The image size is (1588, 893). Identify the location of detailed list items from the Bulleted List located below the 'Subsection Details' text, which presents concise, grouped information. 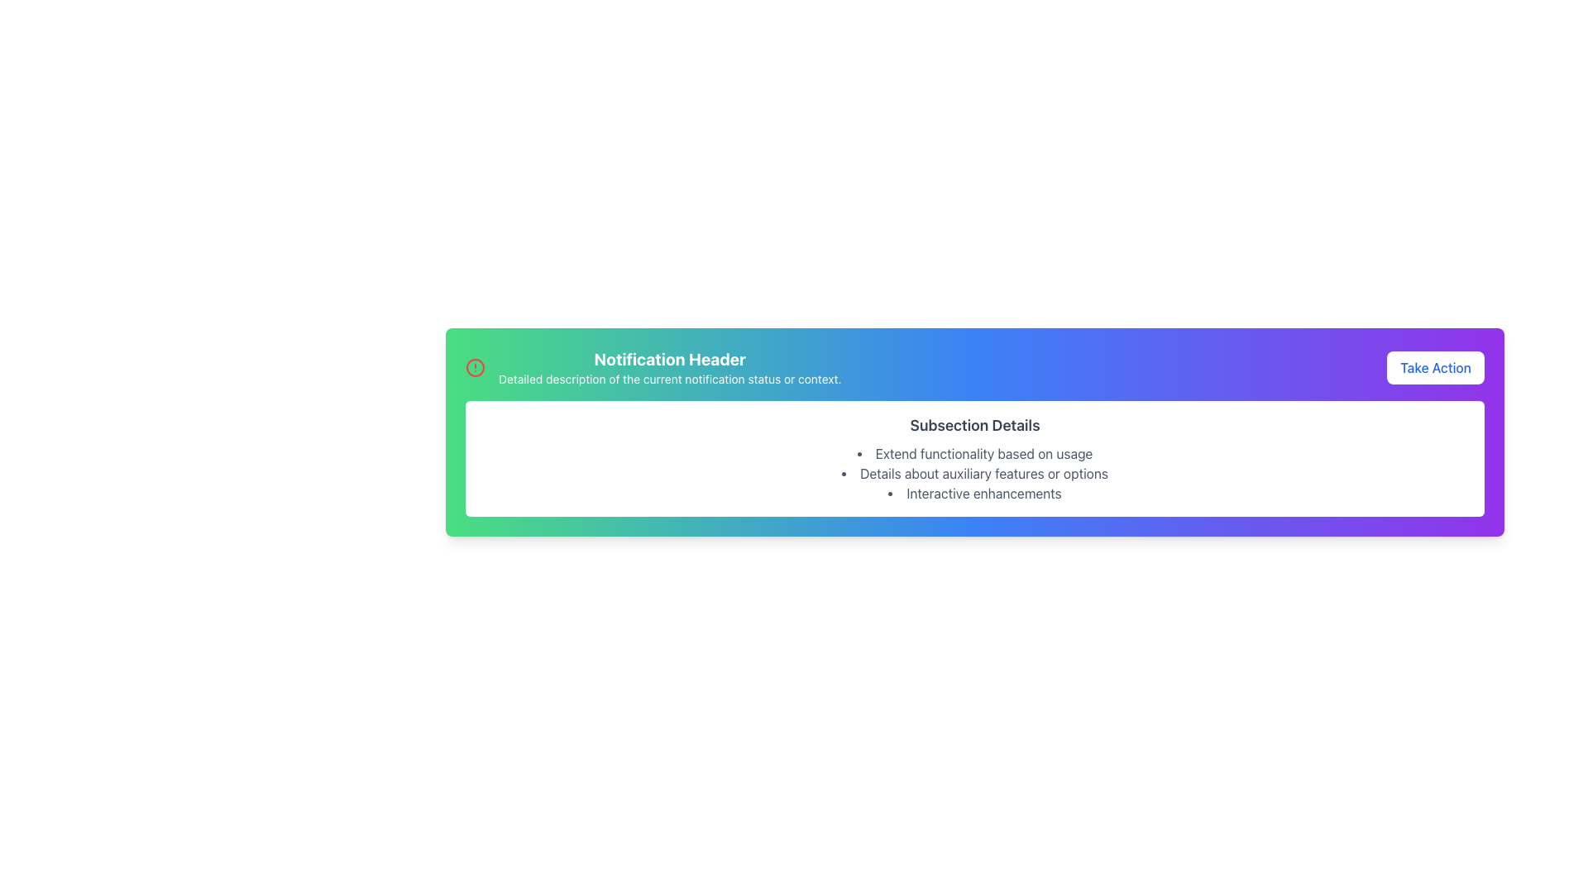
(975, 474).